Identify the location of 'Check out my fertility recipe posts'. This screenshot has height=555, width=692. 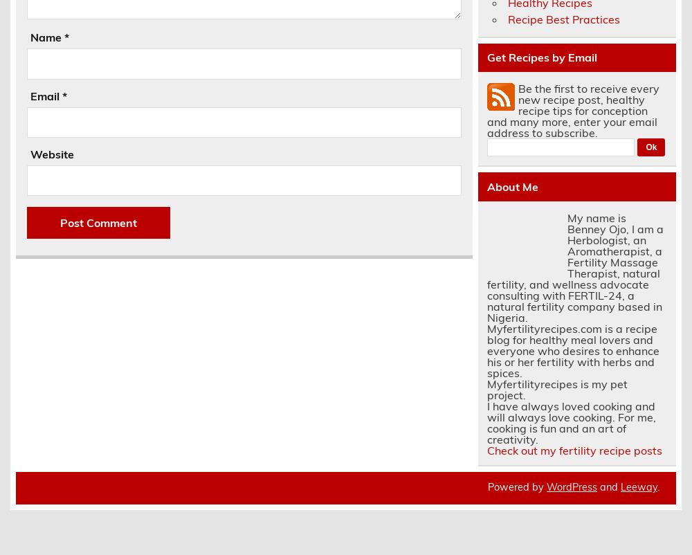
(573, 450).